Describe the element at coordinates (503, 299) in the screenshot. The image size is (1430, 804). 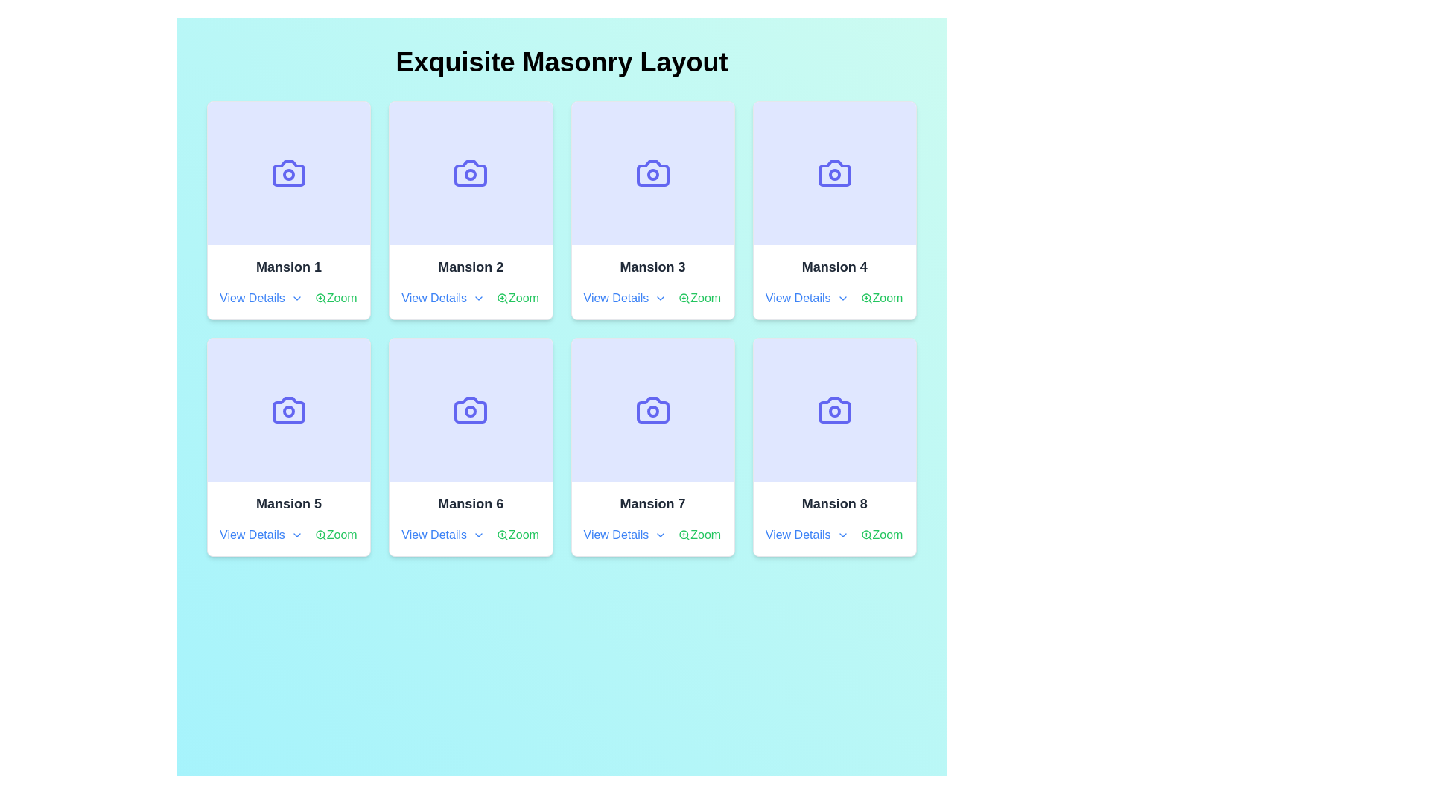
I see `the zoom-in icon located within the 'Mansion 2' card, positioned to the right of the 'View Details' link` at that location.